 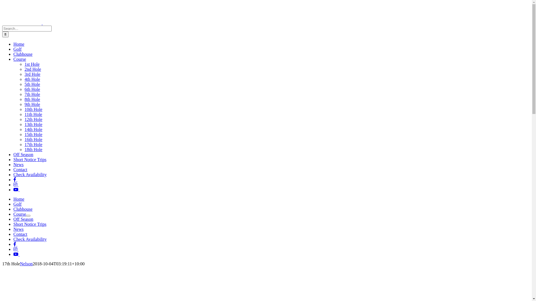 I want to click on 'Course', so click(x=13, y=214).